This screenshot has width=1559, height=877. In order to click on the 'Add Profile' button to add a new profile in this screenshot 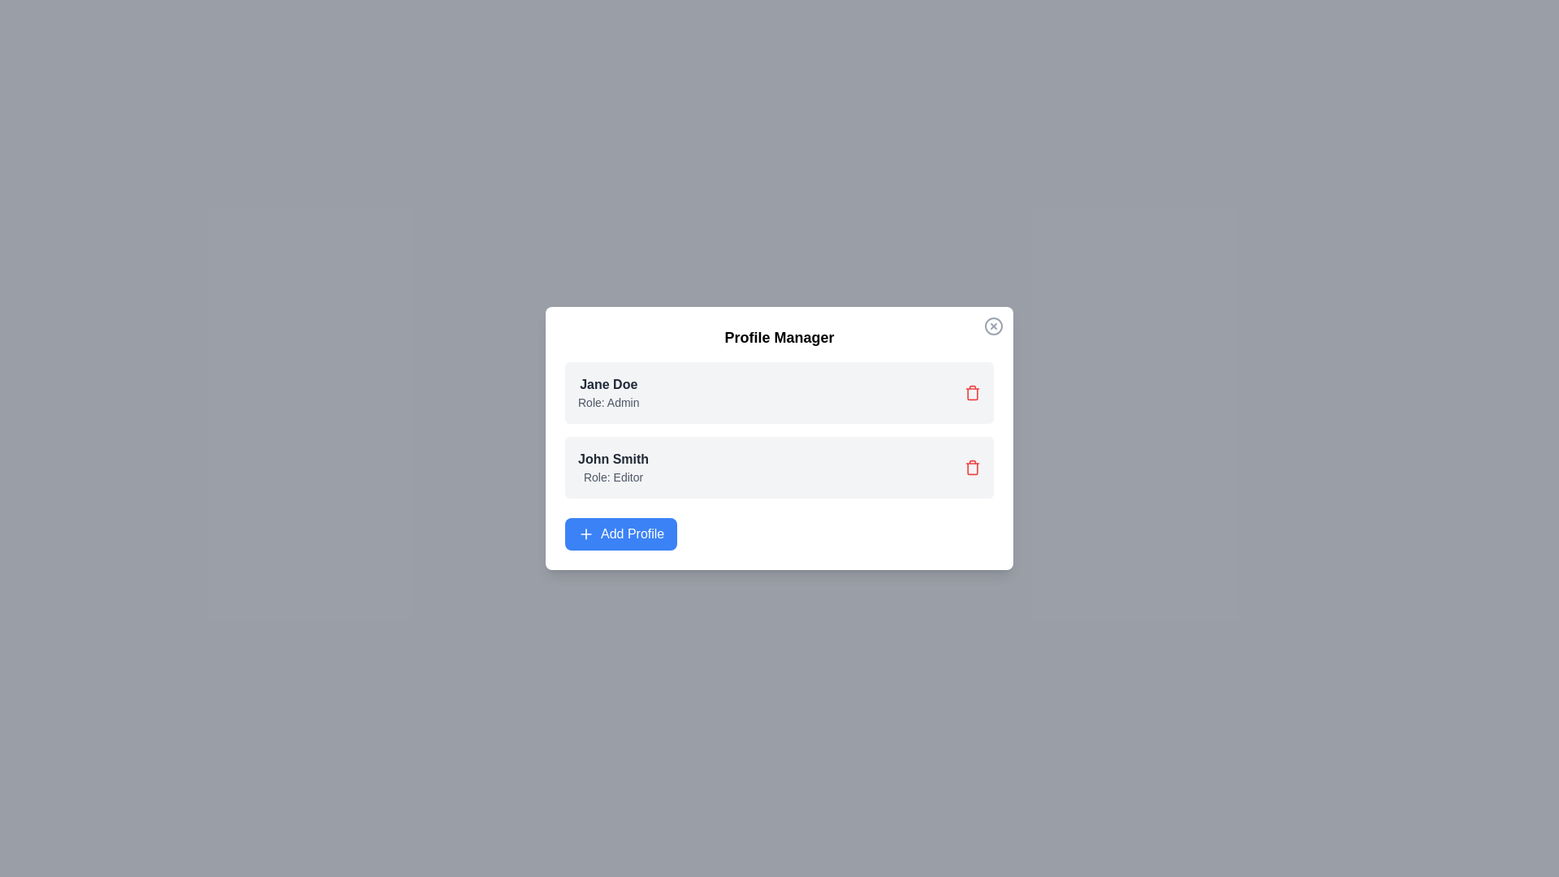, I will do `click(620, 534)`.